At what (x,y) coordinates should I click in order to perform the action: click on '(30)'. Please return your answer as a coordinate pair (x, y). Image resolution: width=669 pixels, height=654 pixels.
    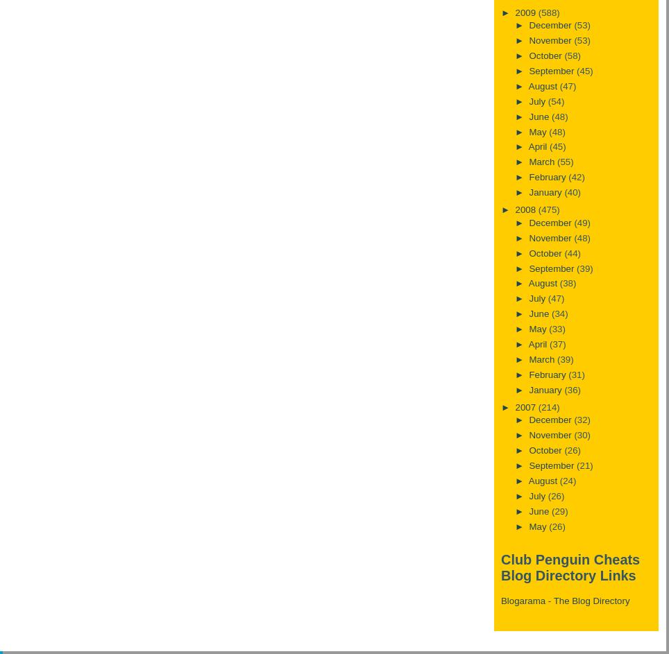
    Looking at the image, I should click on (573, 434).